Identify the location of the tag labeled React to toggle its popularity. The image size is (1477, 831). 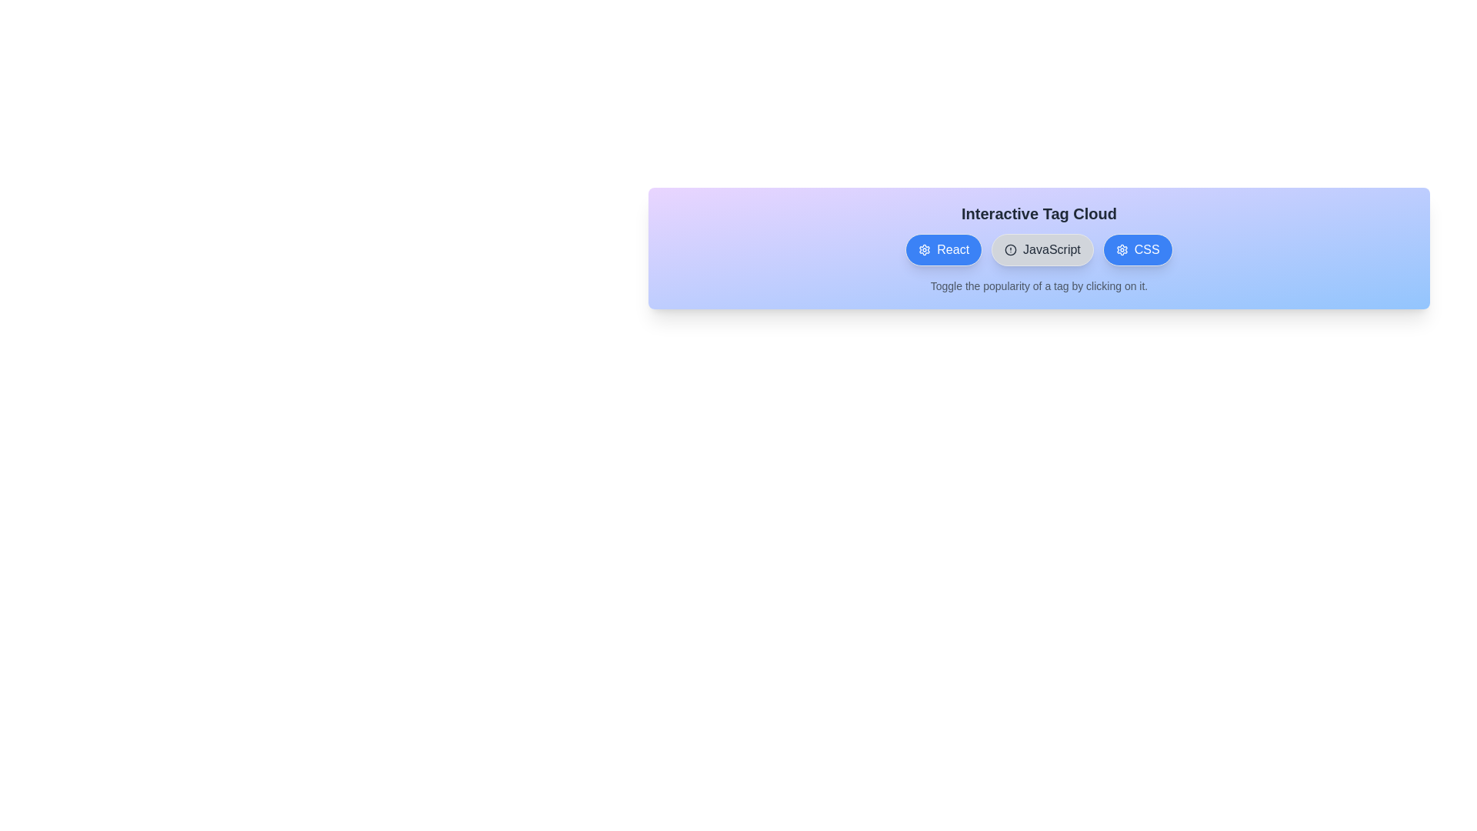
(943, 249).